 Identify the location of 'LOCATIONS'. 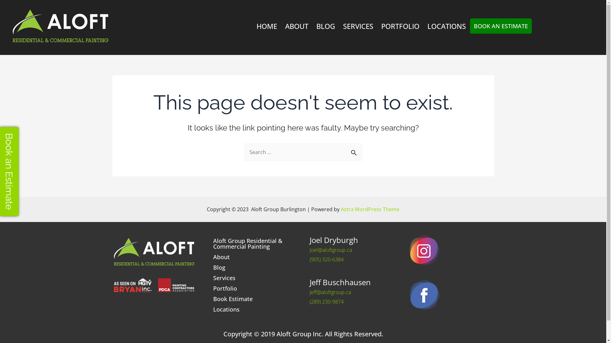
(446, 25).